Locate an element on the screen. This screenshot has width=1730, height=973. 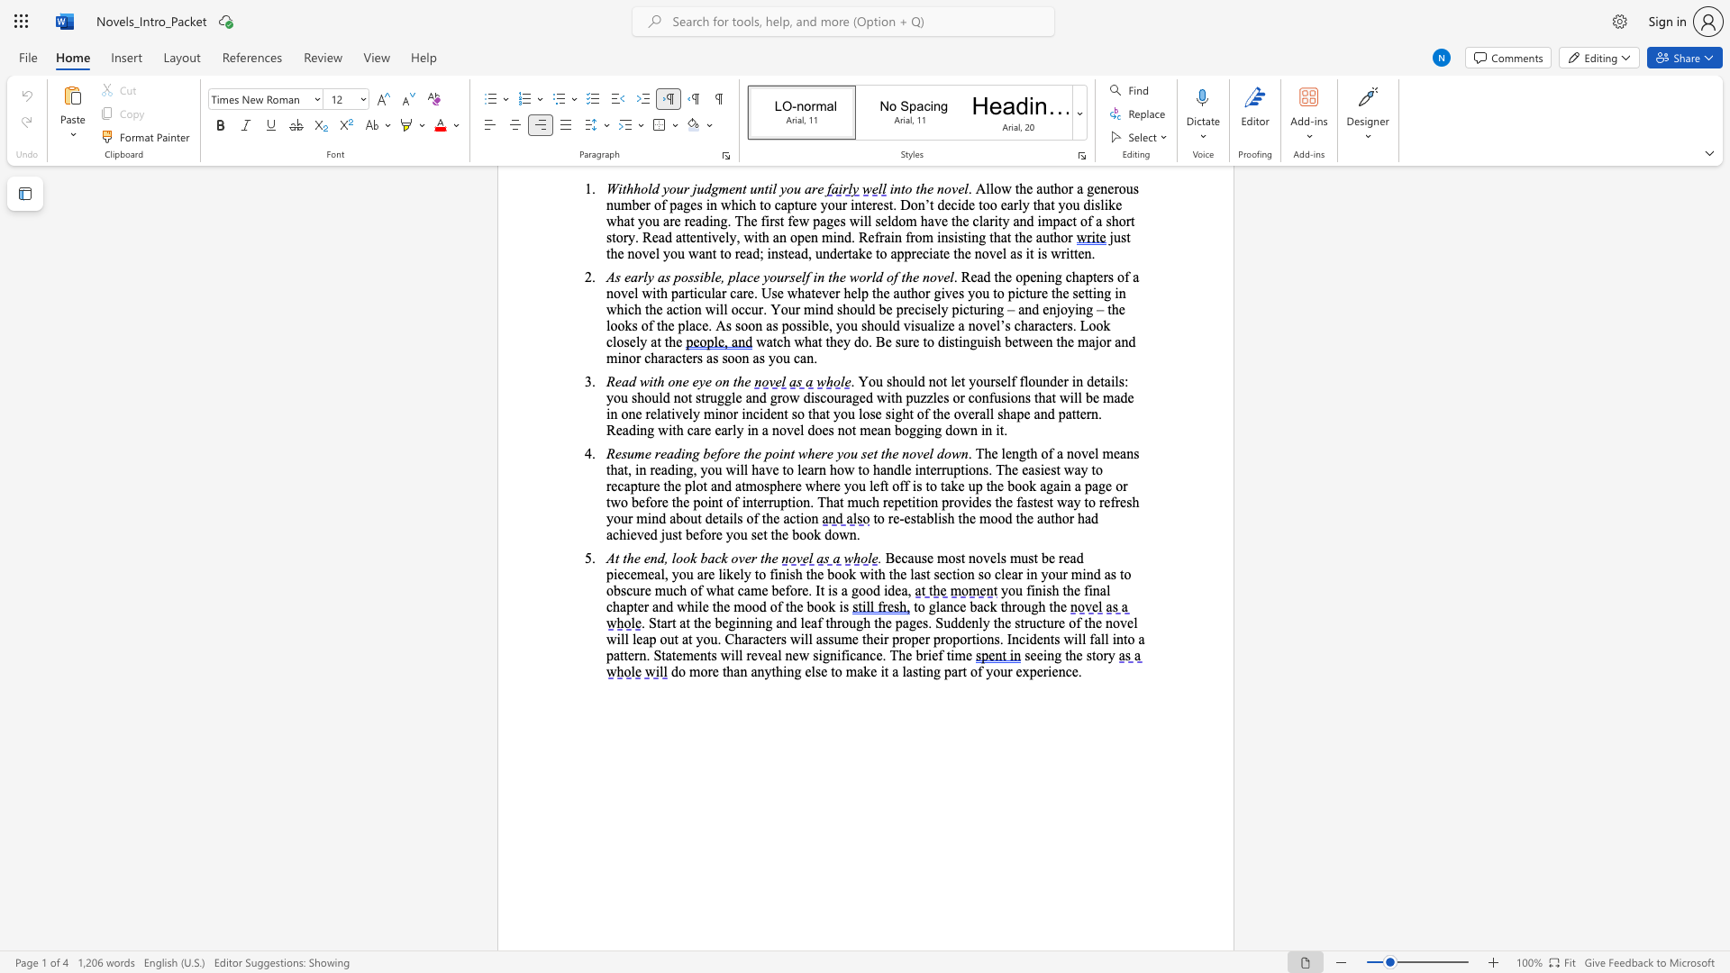
the subset text ", lo" within the text "At the end, look back over the" is located at coordinates (663, 557).